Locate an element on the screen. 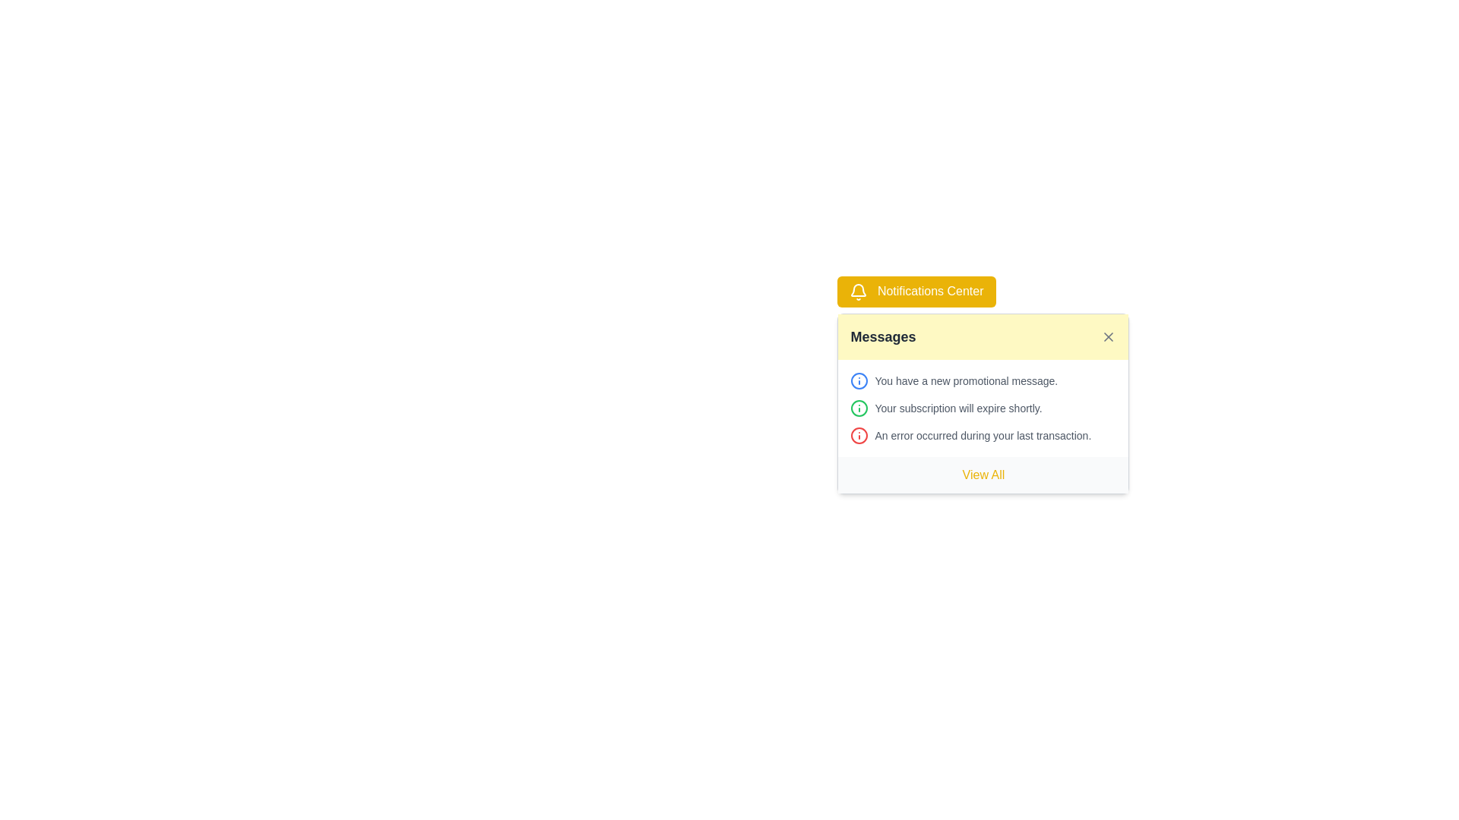 The image size is (1459, 820). the interactive button located at the bottom center of the notification card is located at coordinates (983, 474).